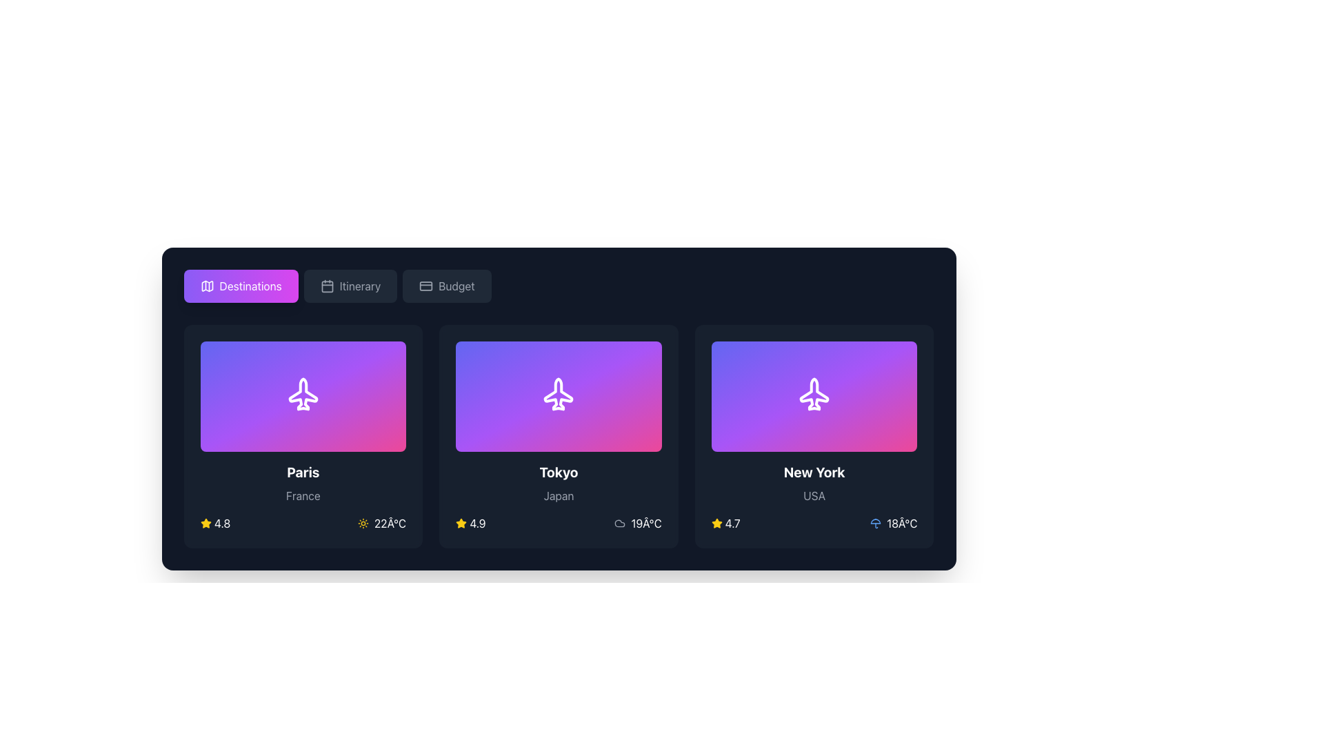 Image resolution: width=1324 pixels, height=745 pixels. What do you see at coordinates (302, 495) in the screenshot?
I see `the static text label reading 'France' that is positioned below the label 'Paris' and above the temperature and rating information` at bounding box center [302, 495].